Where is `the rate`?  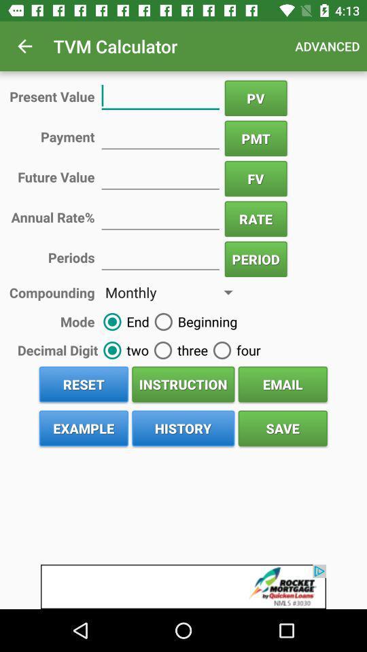
the rate is located at coordinates (160, 217).